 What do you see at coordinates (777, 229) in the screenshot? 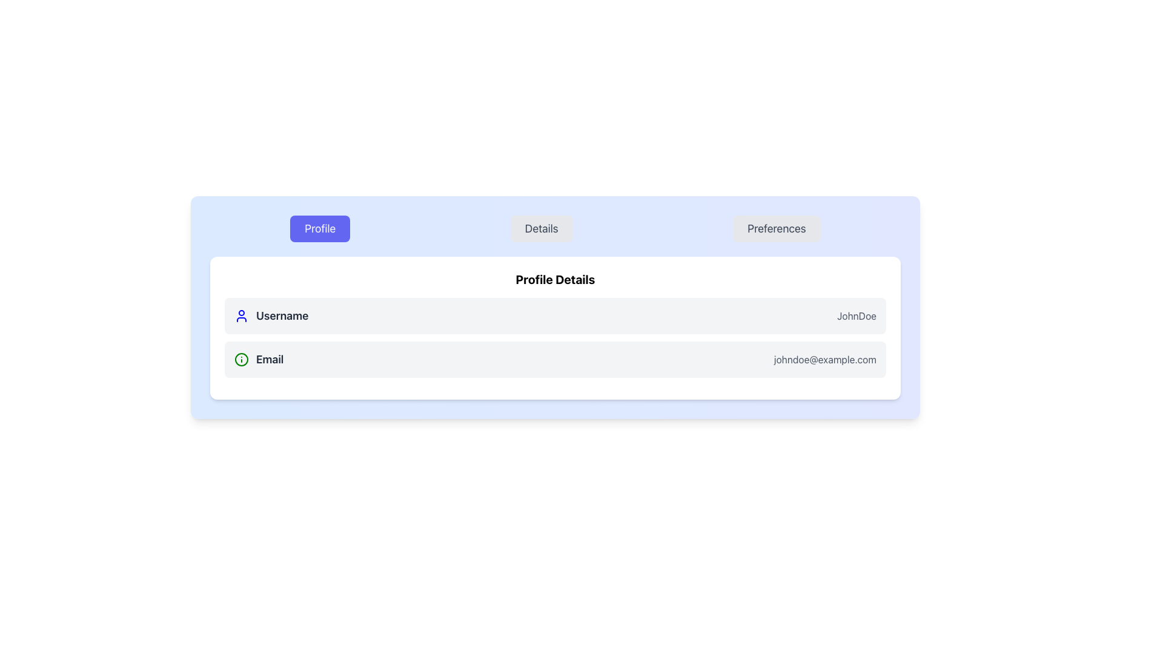
I see `the 'Preferences' button, which is a rounded rectangle with light gray background and dark gray text in large font, located in the upper-right section of the interface` at bounding box center [777, 229].